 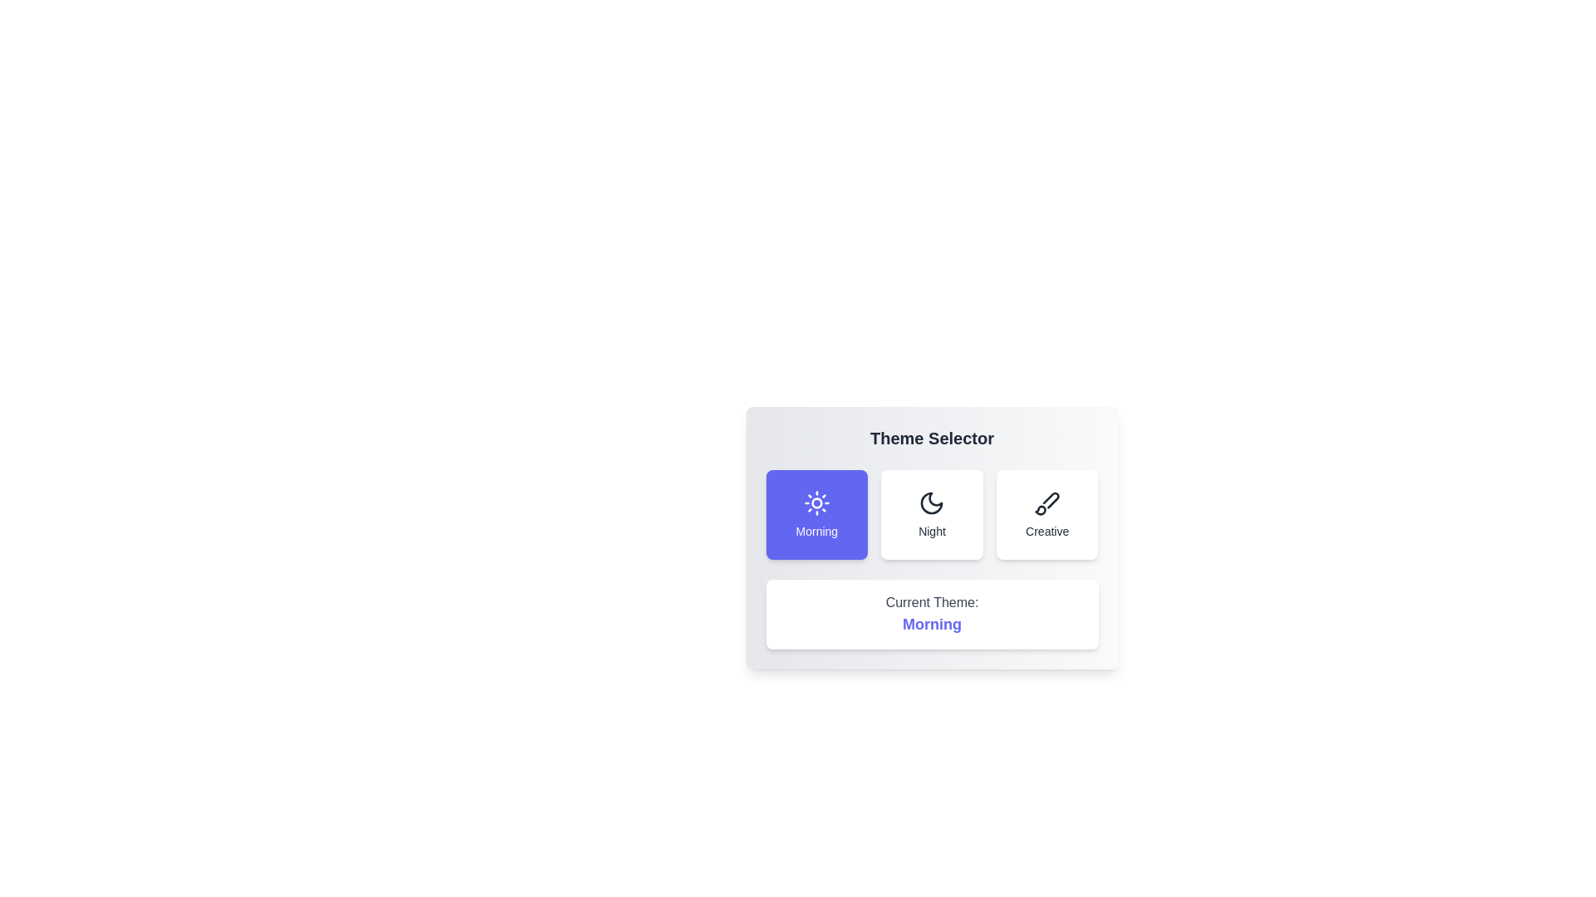 I want to click on the Morning button to observe its hover effect, so click(x=816, y=514).